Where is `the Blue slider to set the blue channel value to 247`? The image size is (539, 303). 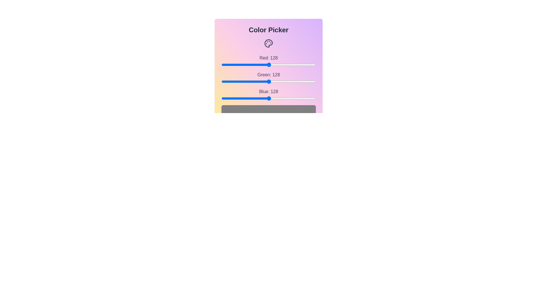
the Blue slider to set the blue channel value to 247 is located at coordinates (312, 98).